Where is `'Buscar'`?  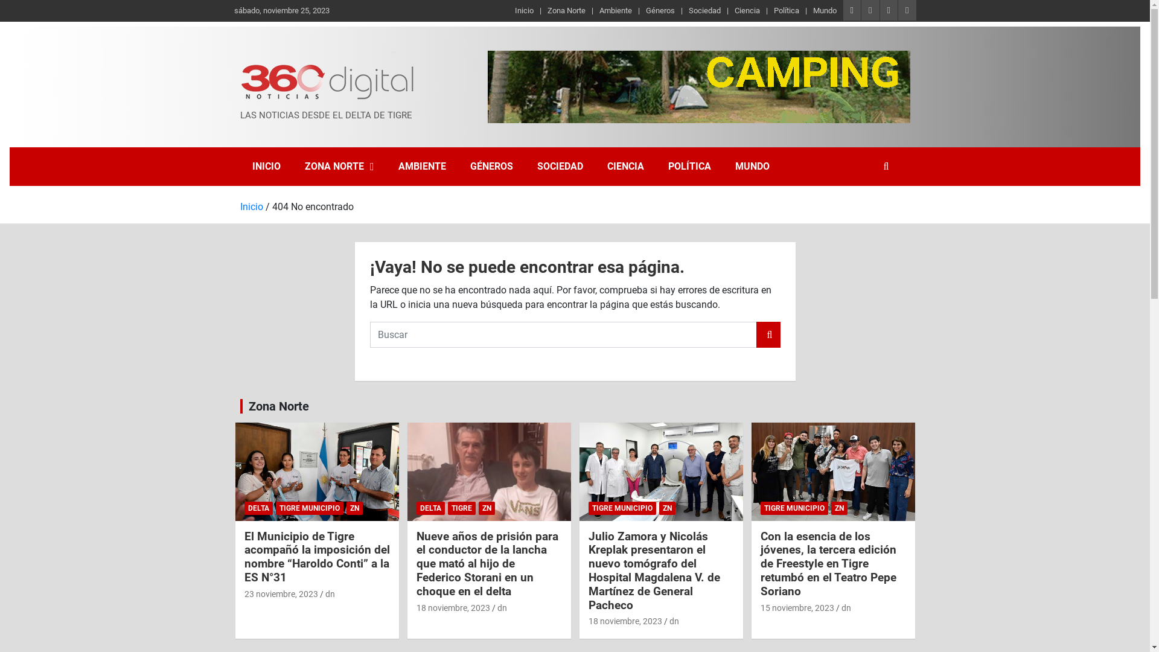
'Buscar' is located at coordinates (767, 334).